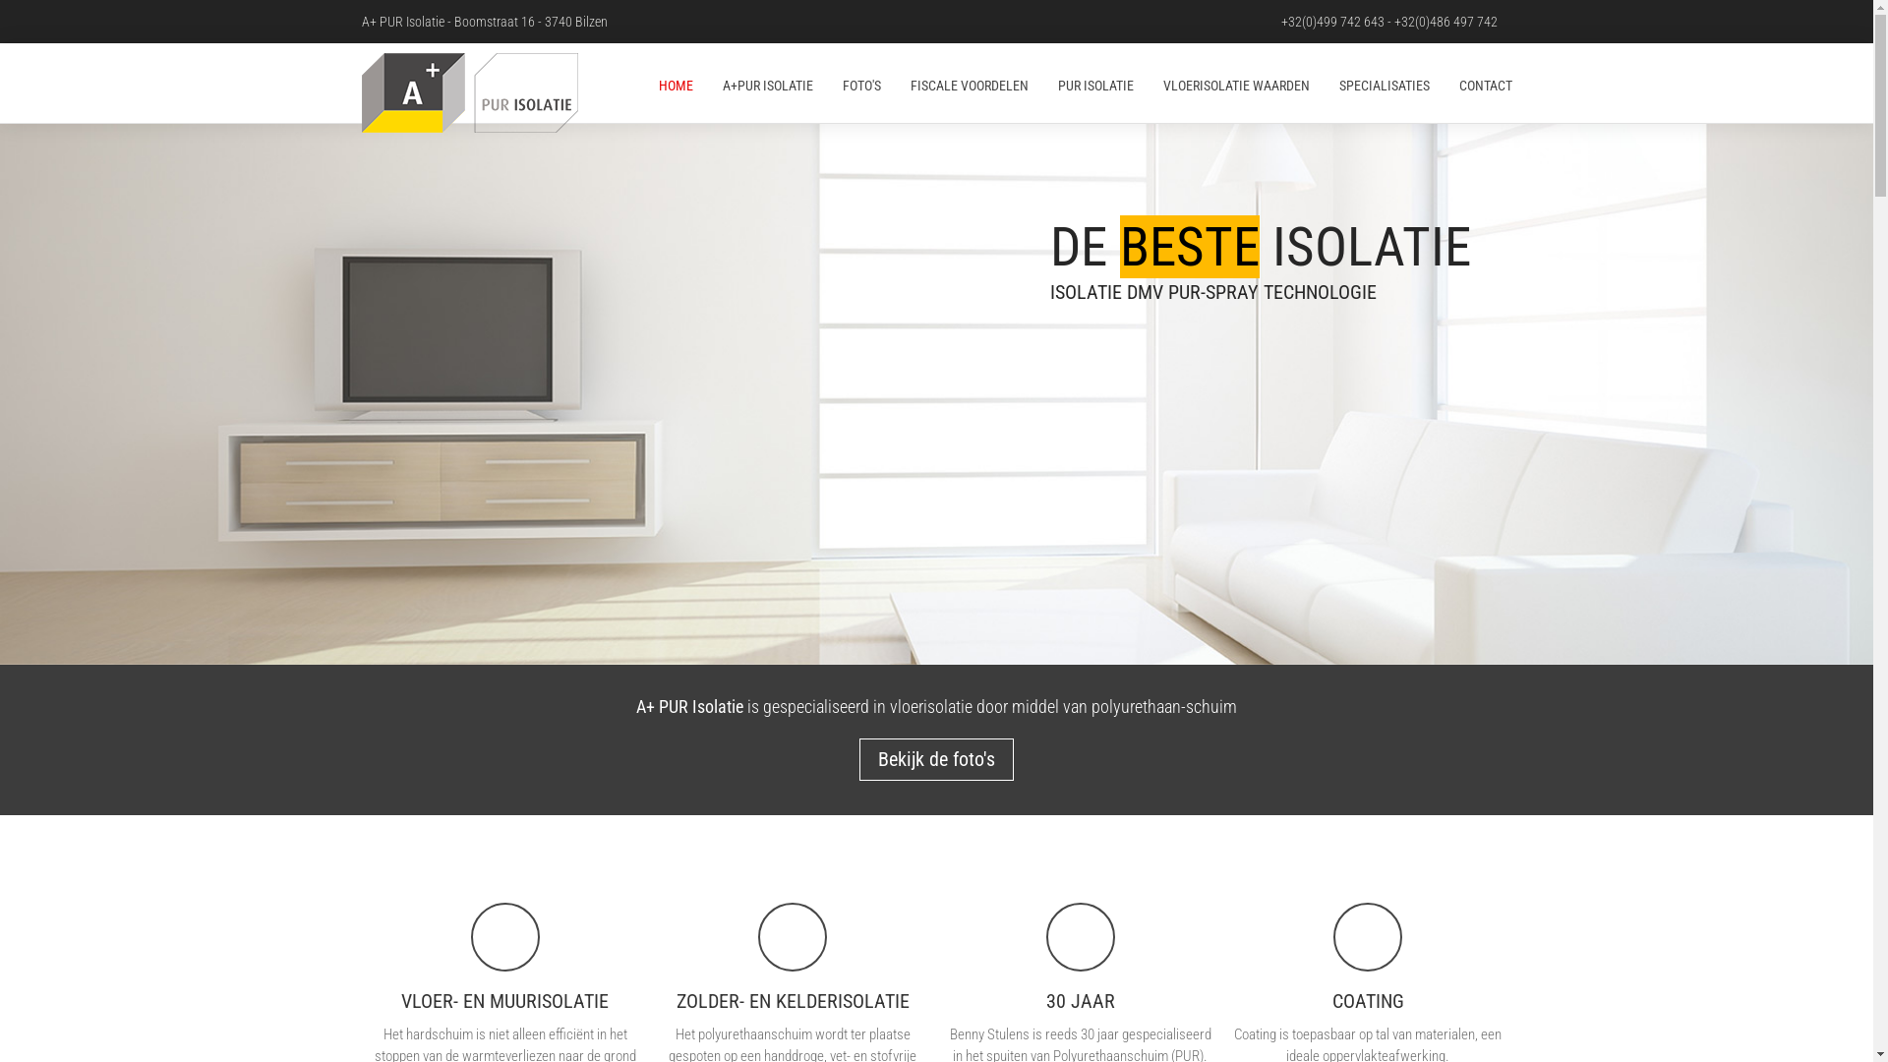 This screenshot has height=1062, width=1888. What do you see at coordinates (659, 82) in the screenshot?
I see `'HOME'` at bounding box center [659, 82].